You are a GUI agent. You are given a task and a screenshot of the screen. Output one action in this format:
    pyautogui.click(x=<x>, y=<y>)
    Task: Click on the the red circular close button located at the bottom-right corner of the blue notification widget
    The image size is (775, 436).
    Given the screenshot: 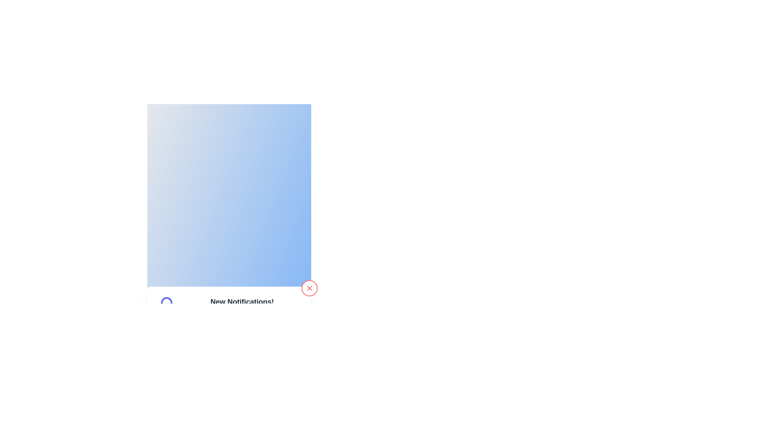 What is the action you would take?
    pyautogui.click(x=309, y=287)
    